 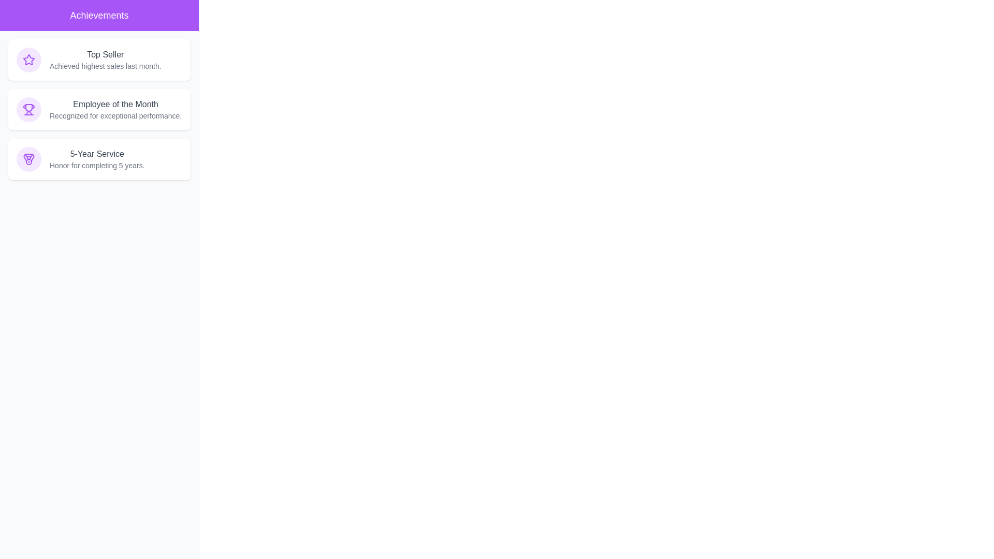 I want to click on the icon associated with 5-Year Service, so click(x=29, y=159).